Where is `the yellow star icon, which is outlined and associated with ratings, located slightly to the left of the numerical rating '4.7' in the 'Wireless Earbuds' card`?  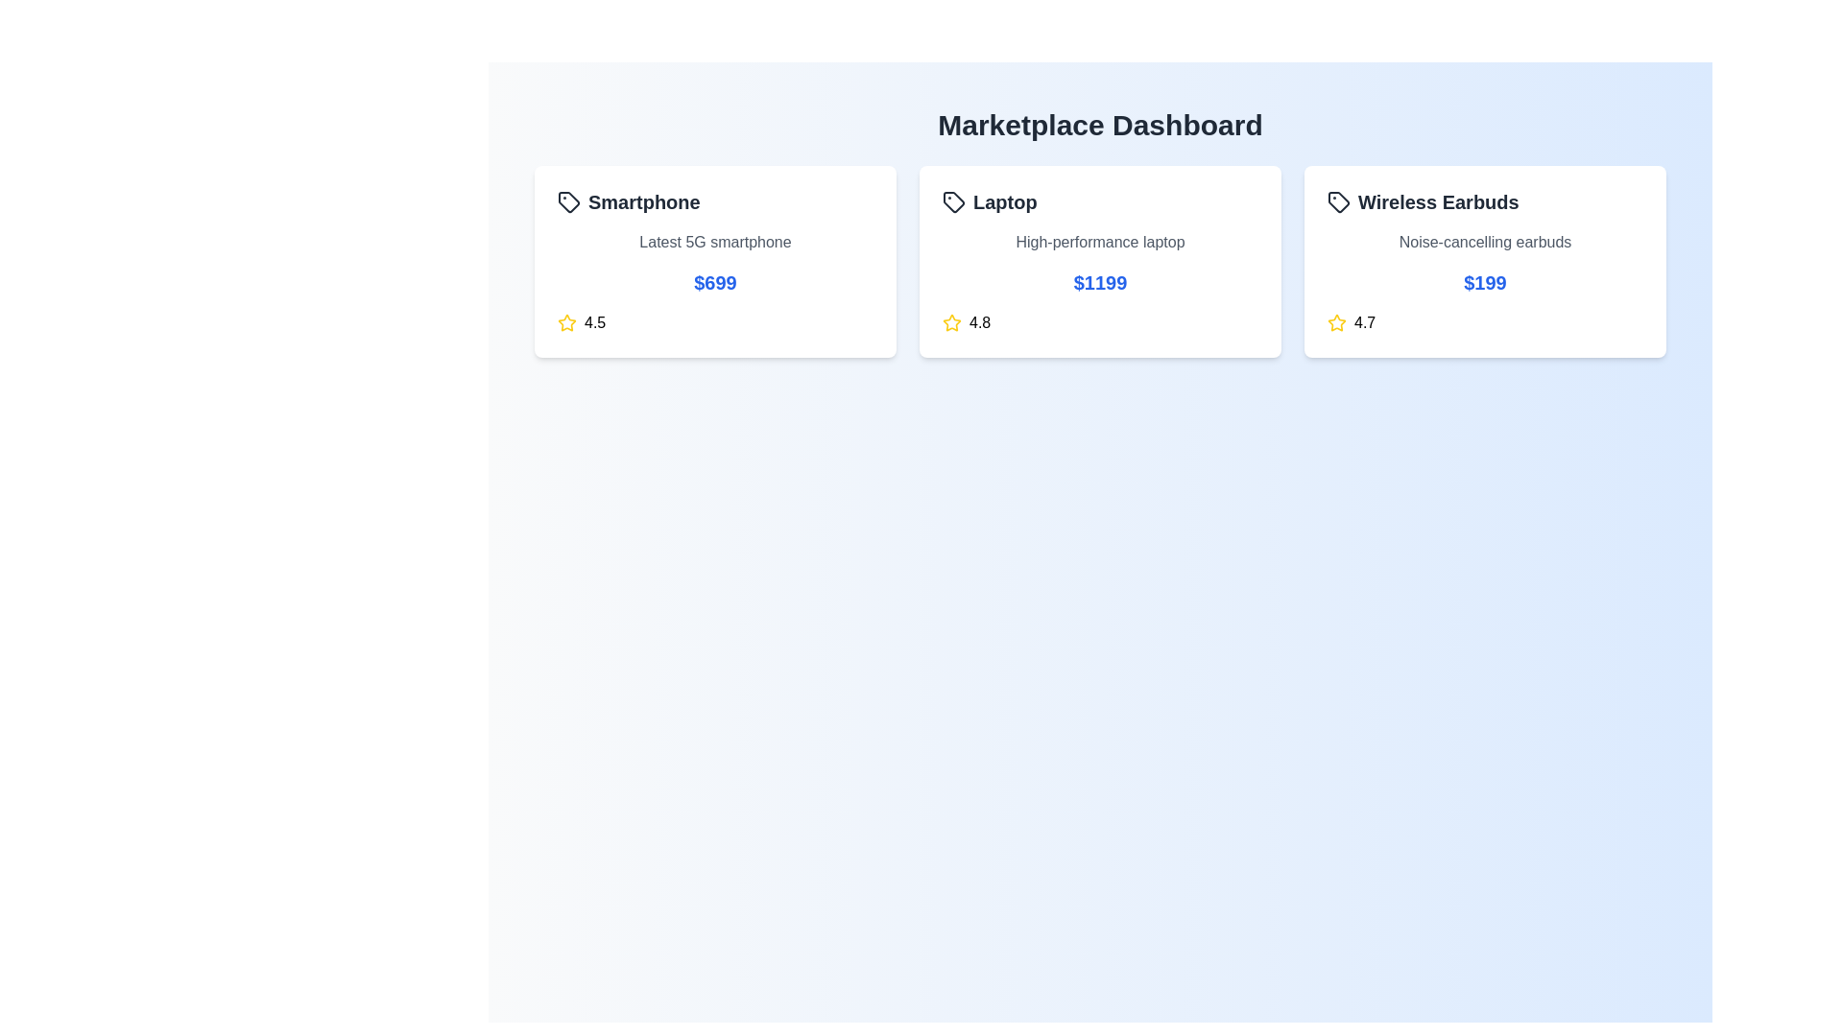
the yellow star icon, which is outlined and associated with ratings, located slightly to the left of the numerical rating '4.7' in the 'Wireless Earbuds' card is located at coordinates (1335, 321).